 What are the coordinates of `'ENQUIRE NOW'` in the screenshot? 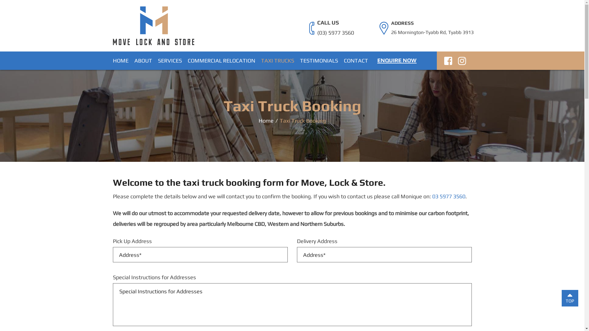 It's located at (397, 60).